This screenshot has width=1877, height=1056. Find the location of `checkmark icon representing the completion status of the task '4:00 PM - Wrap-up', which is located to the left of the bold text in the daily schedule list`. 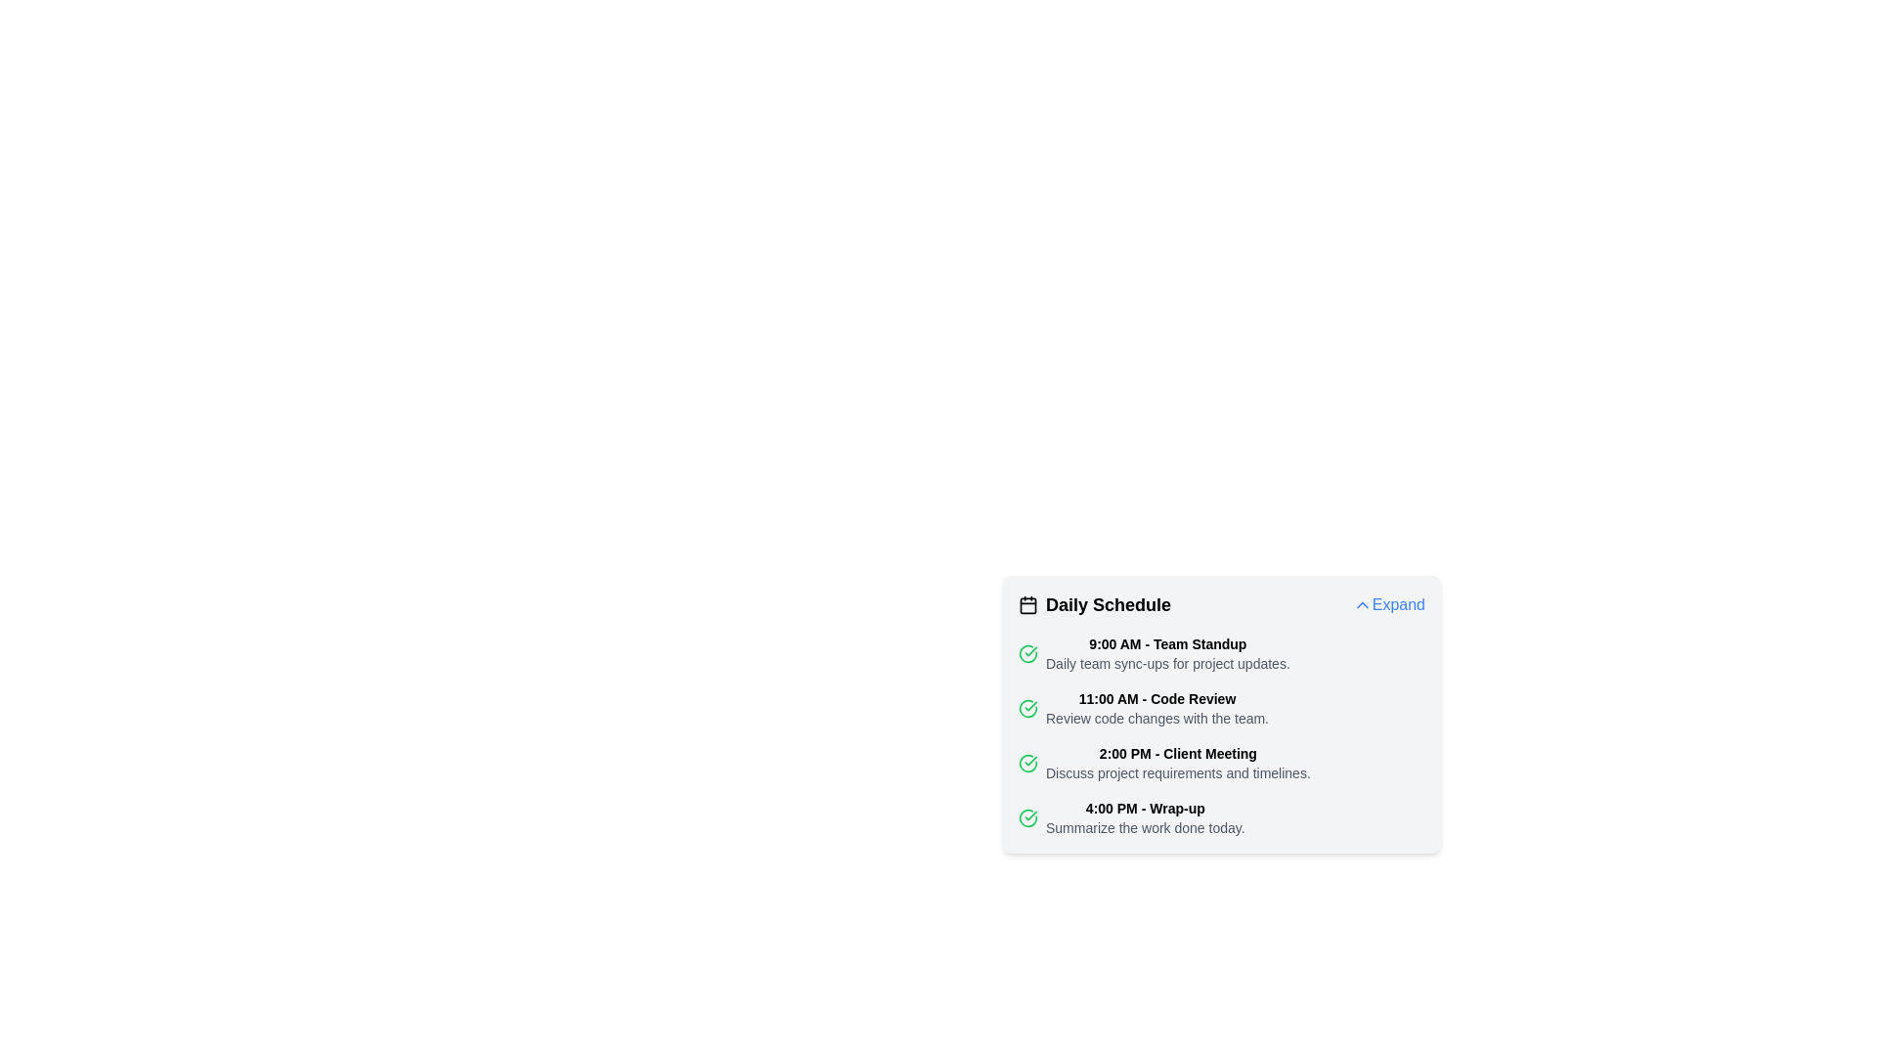

checkmark icon representing the completion status of the task '4:00 PM - Wrap-up', which is located to the left of the bold text in the daily schedule list is located at coordinates (1026, 818).